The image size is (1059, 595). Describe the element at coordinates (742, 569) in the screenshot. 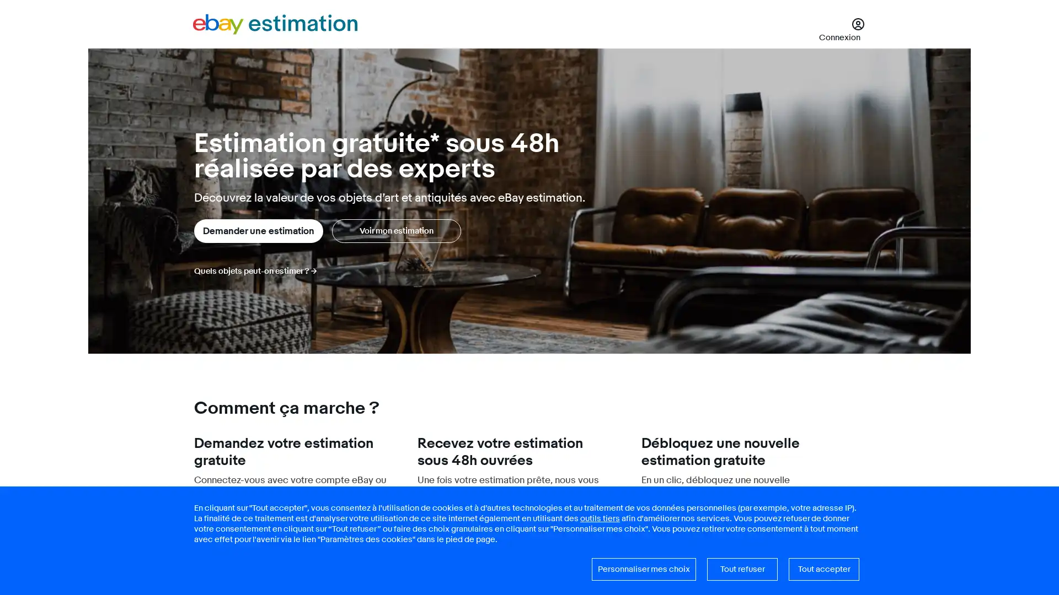

I see `Tout refuser` at that location.